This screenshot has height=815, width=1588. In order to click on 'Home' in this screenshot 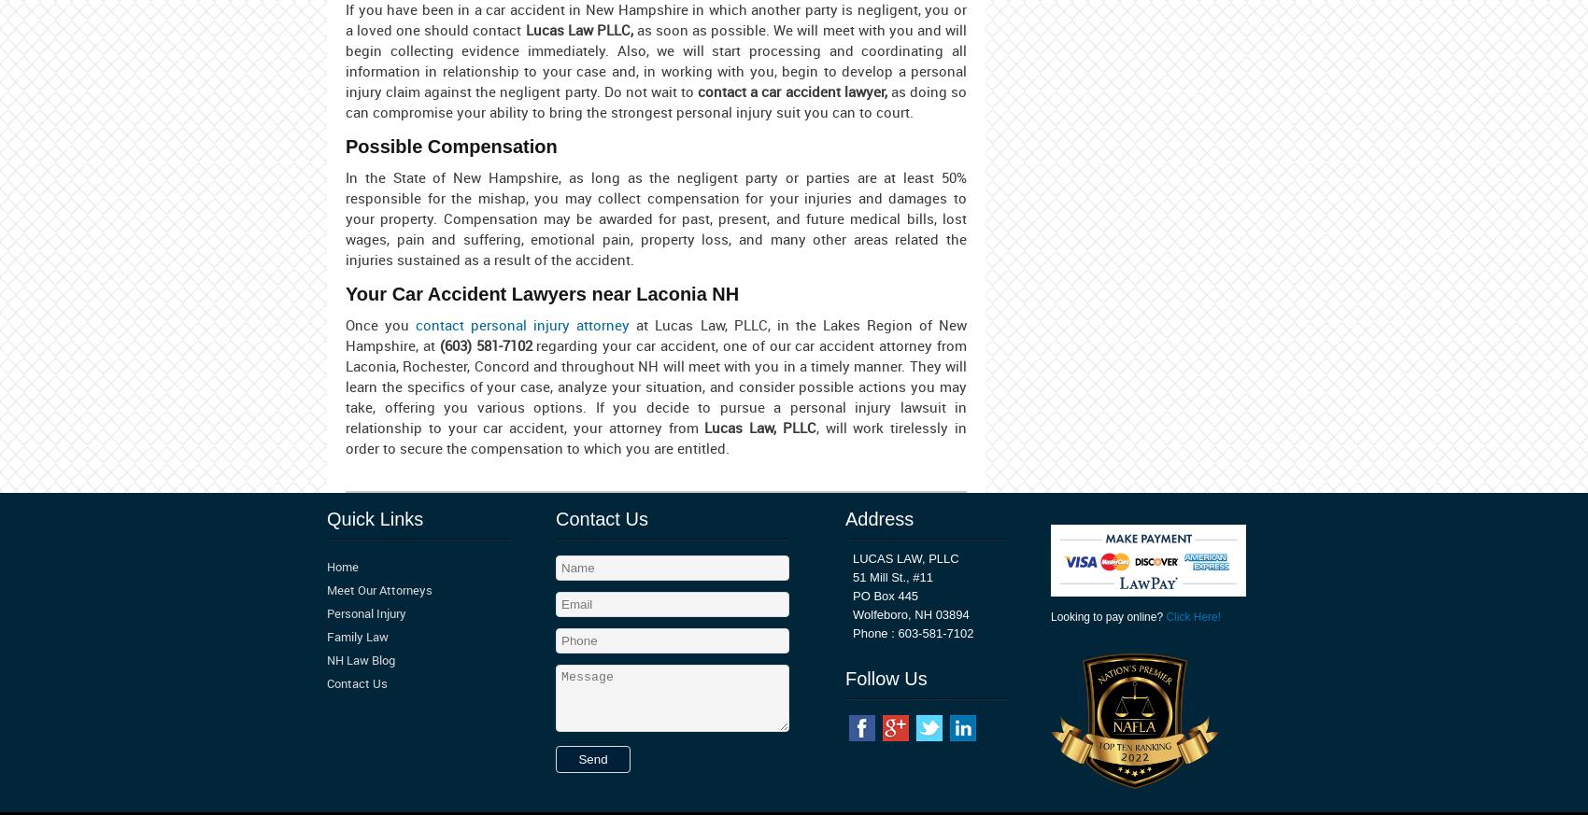, I will do `click(326, 565)`.